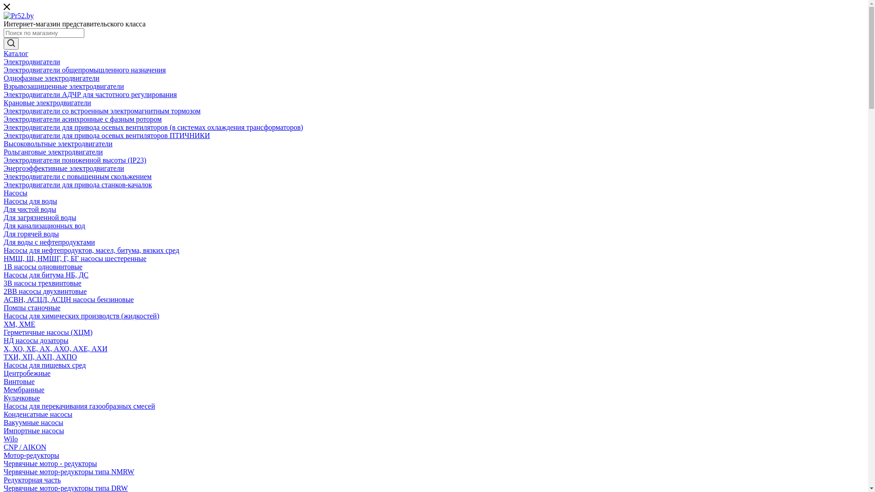  I want to click on 'CNP / AIKON', so click(25, 446).